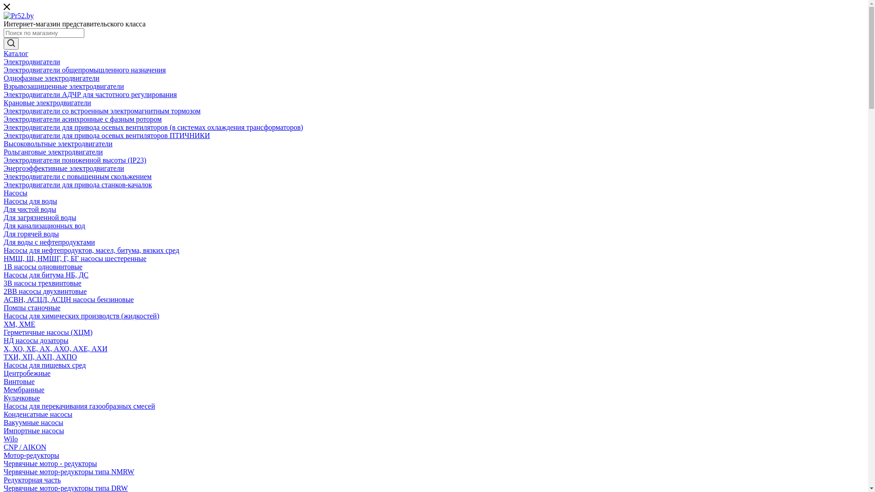  I want to click on 'CNP / AIKON', so click(25, 446).